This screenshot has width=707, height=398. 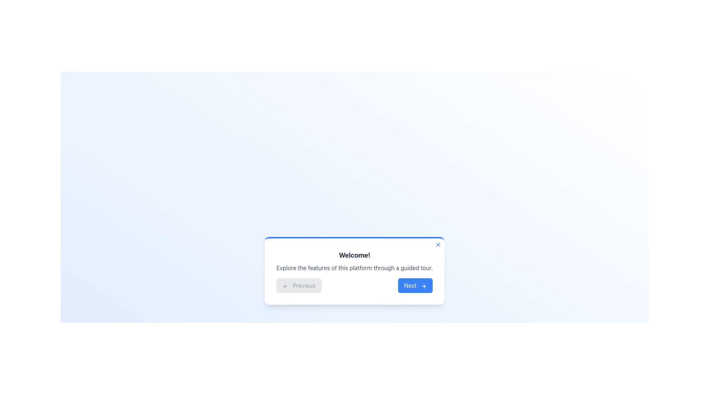 What do you see at coordinates (415, 285) in the screenshot?
I see `the second interactive button located at the bottom of the modal window` at bounding box center [415, 285].